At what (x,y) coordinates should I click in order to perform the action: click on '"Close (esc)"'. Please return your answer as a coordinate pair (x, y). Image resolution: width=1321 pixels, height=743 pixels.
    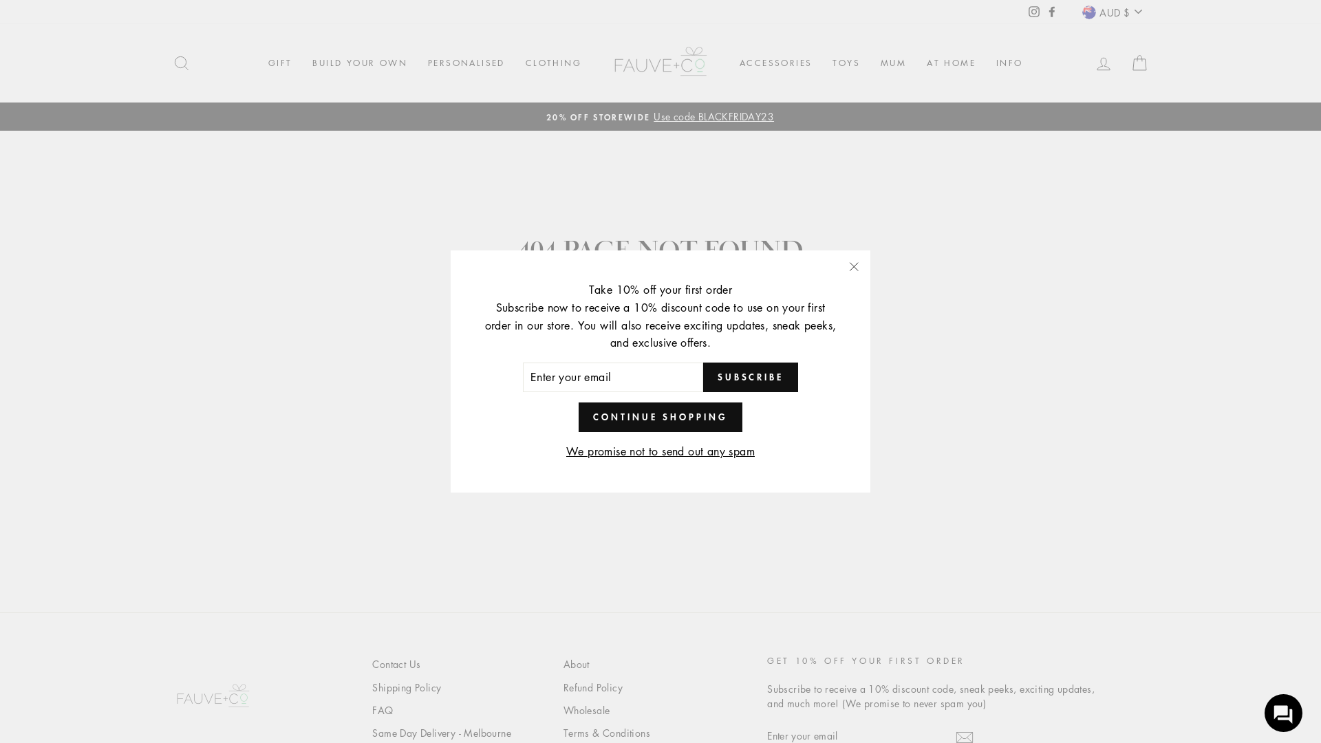
    Looking at the image, I should click on (853, 267).